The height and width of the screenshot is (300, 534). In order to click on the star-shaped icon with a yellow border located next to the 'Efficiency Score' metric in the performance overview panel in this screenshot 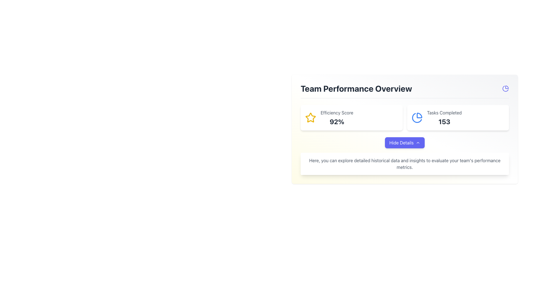, I will do `click(310, 117)`.